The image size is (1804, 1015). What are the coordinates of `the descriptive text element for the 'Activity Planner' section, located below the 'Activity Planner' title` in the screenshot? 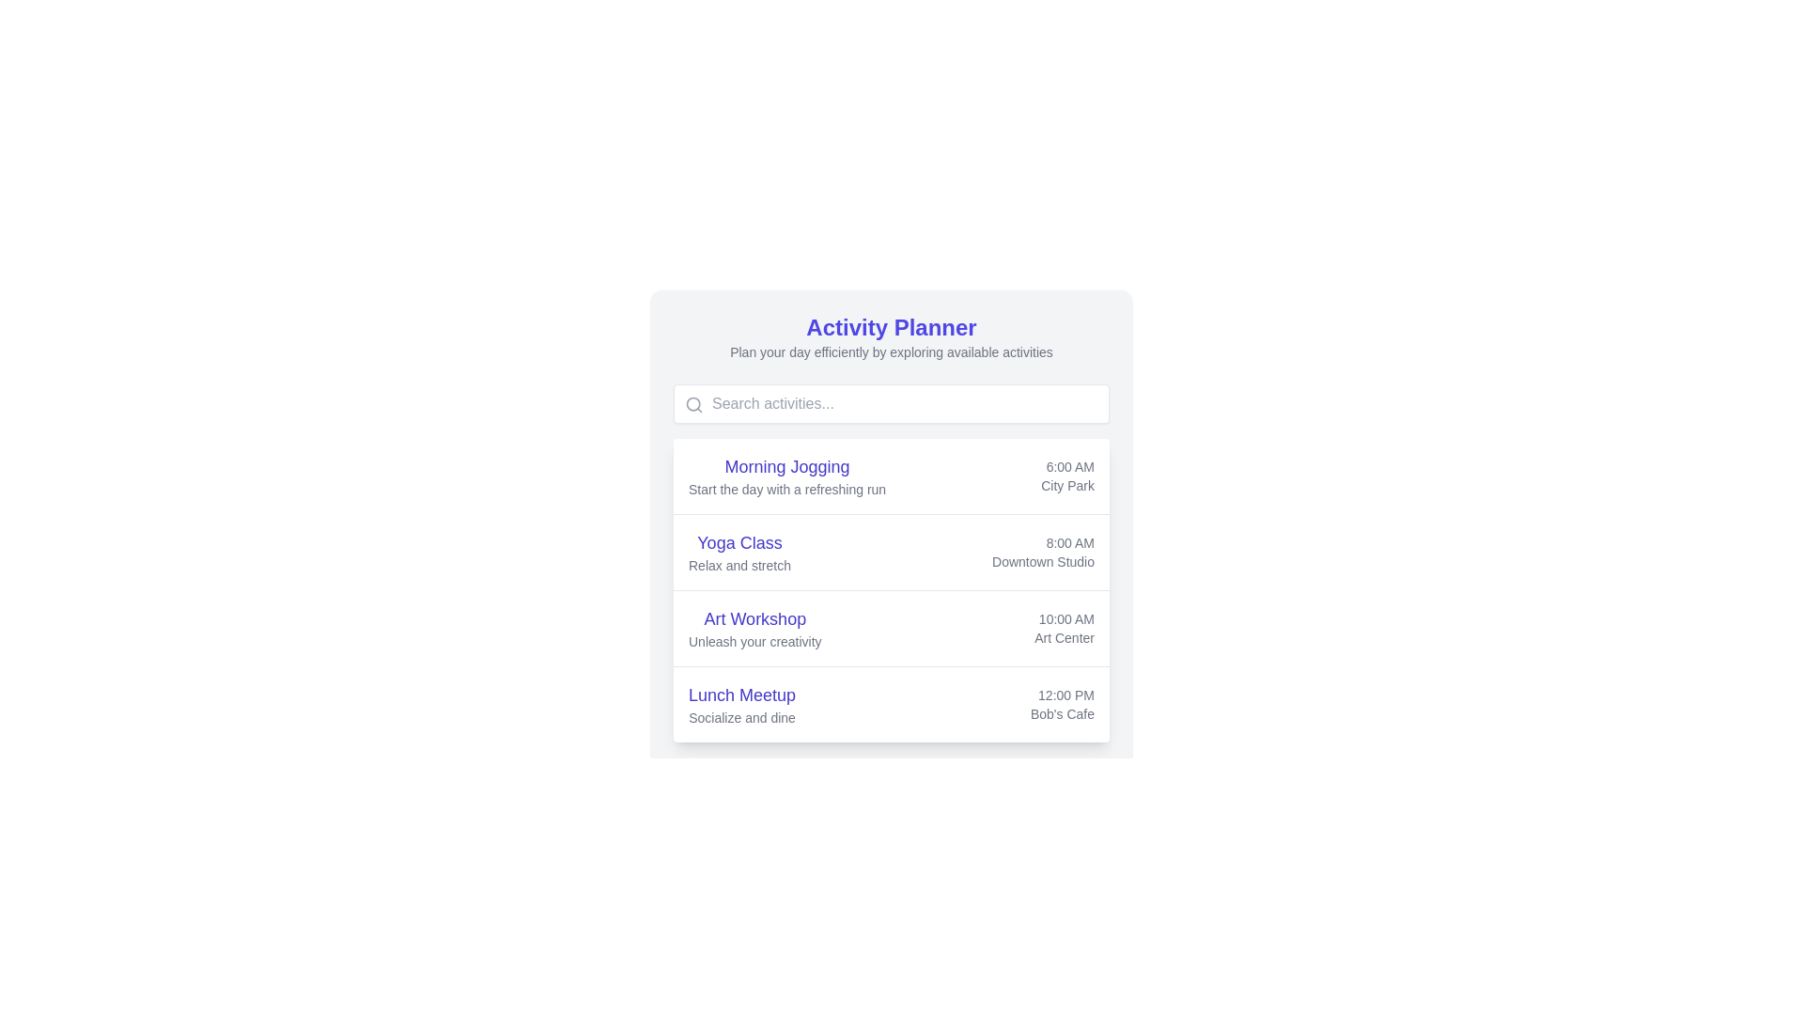 It's located at (891, 351).